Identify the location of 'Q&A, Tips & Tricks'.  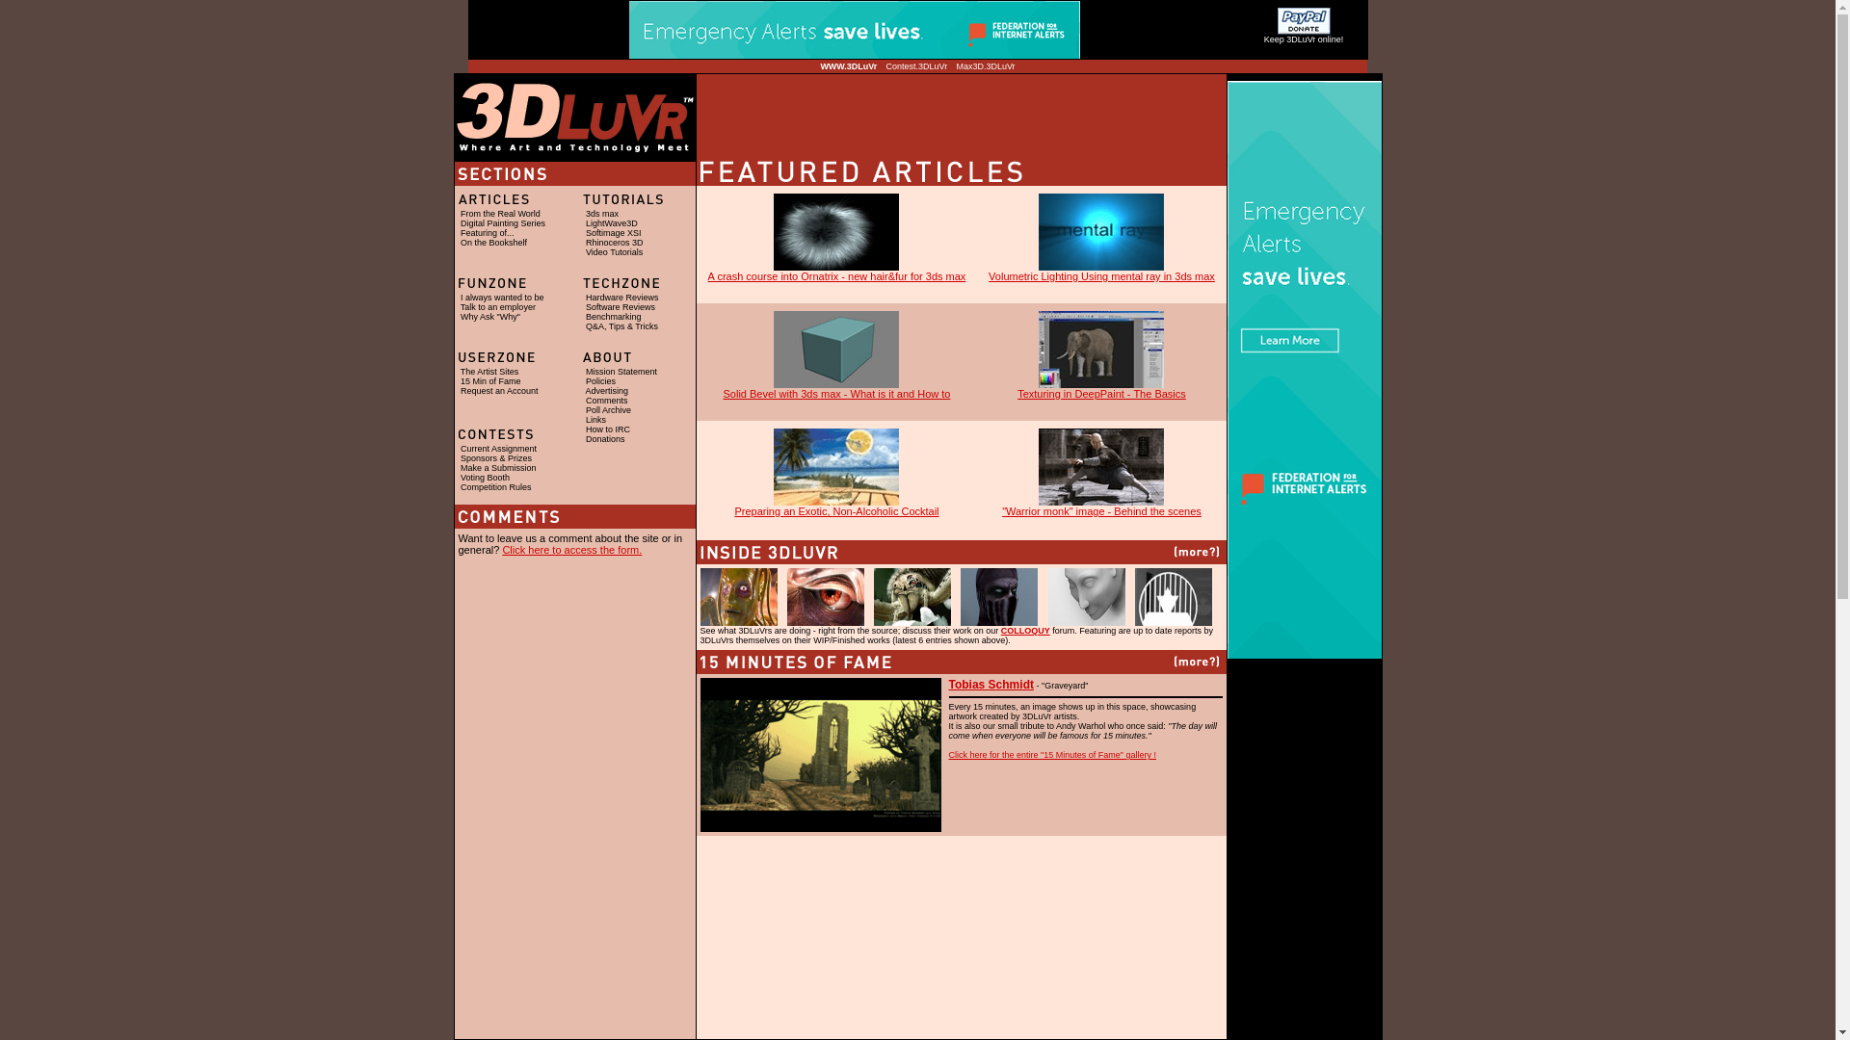
(621, 325).